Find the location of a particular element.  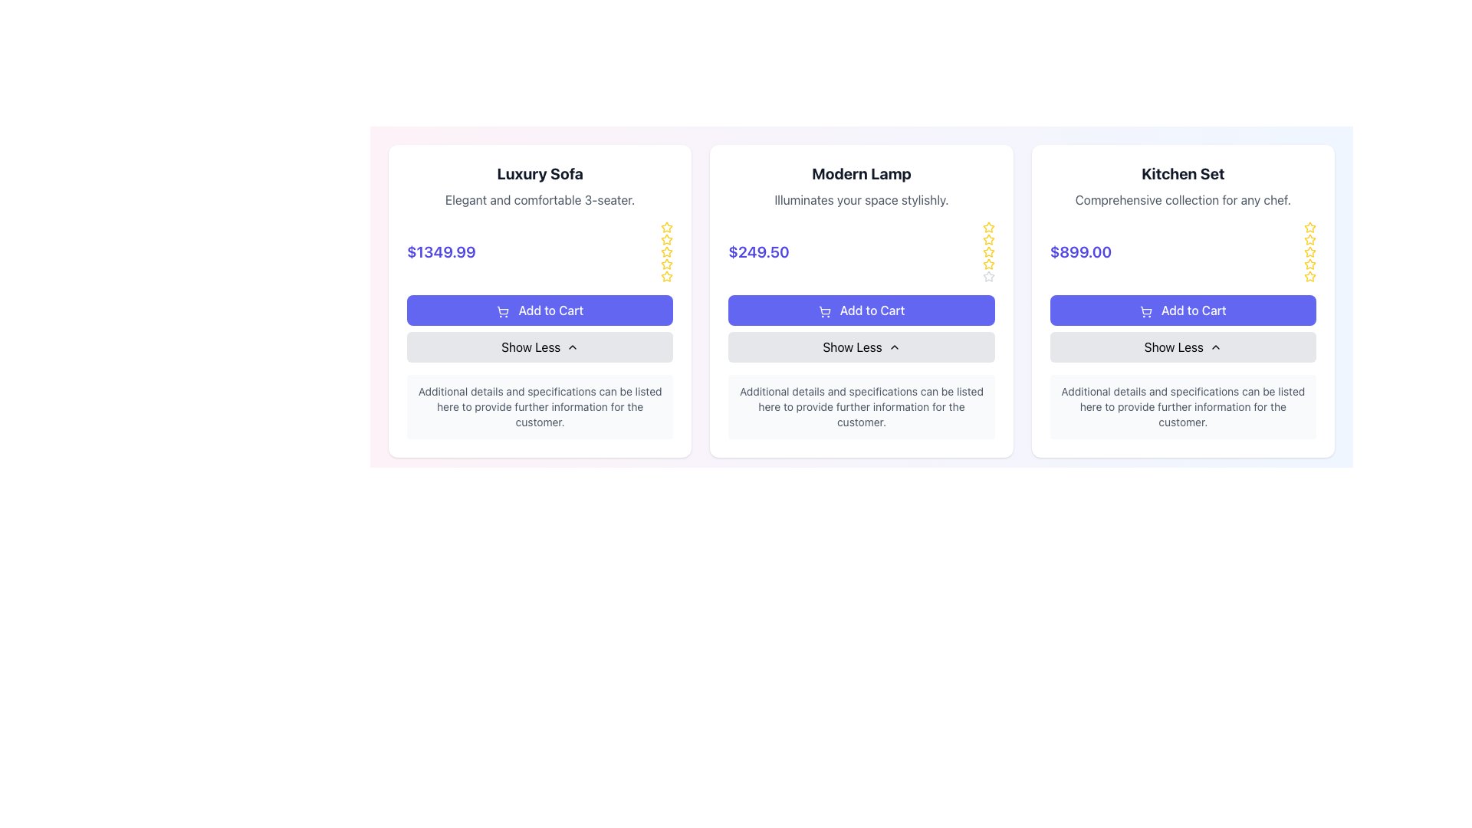

the third star icon in the vertical sequence of star icons on the right side of the 'Luxury Sofa' product card is located at coordinates (667, 239).